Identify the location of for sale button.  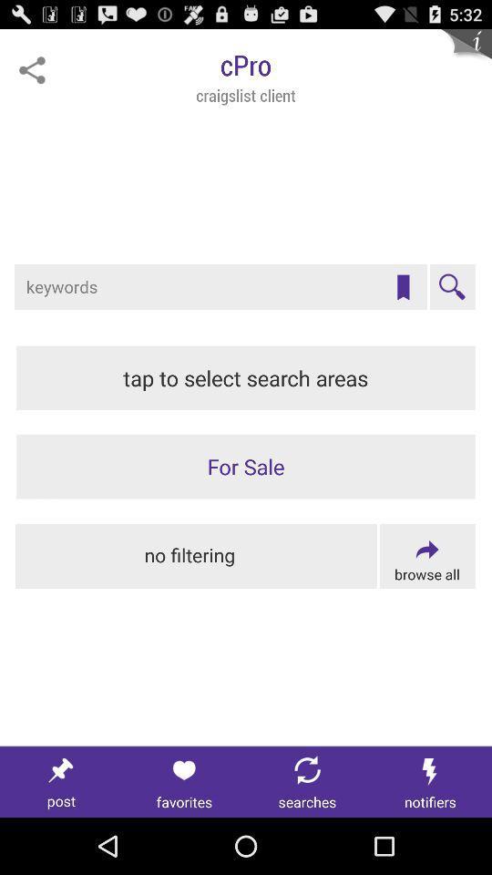
(246, 466).